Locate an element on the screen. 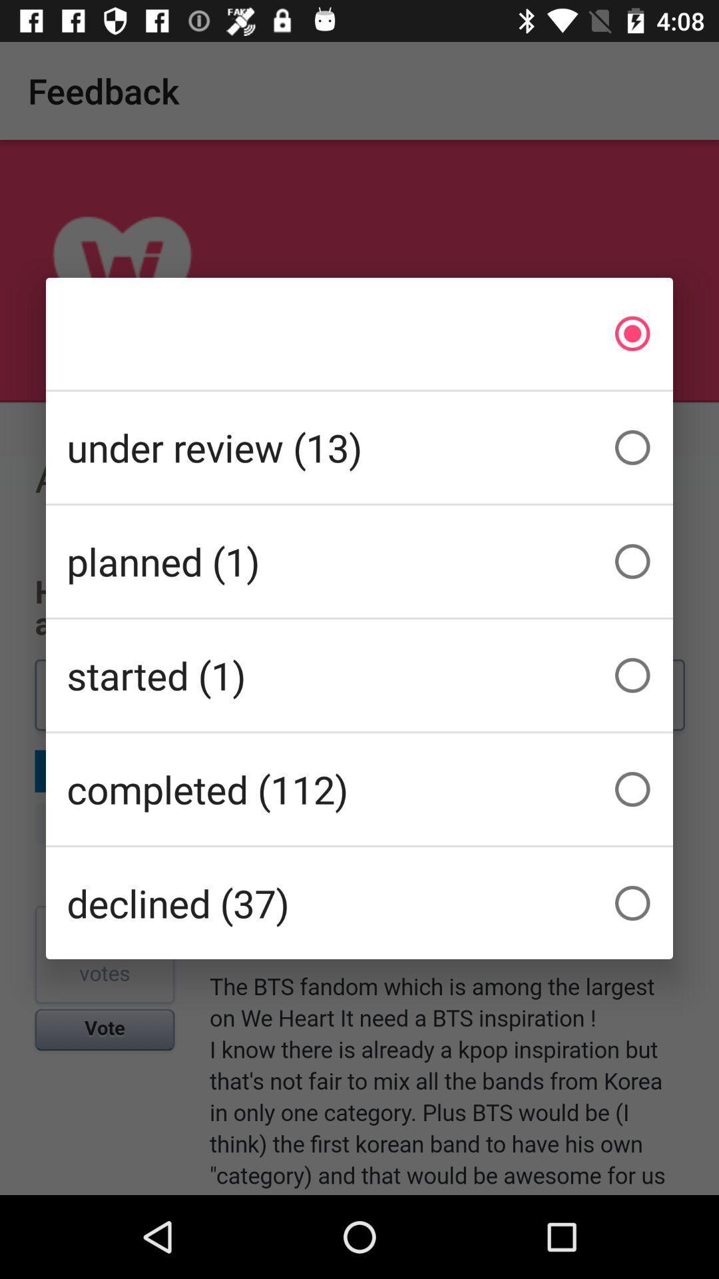  the declined (37) item is located at coordinates (359, 903).